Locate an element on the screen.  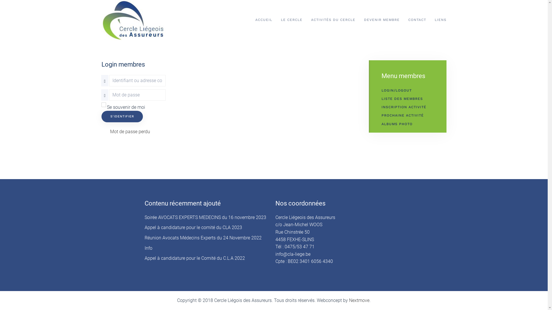
'ACCUEIL' is located at coordinates (263, 20).